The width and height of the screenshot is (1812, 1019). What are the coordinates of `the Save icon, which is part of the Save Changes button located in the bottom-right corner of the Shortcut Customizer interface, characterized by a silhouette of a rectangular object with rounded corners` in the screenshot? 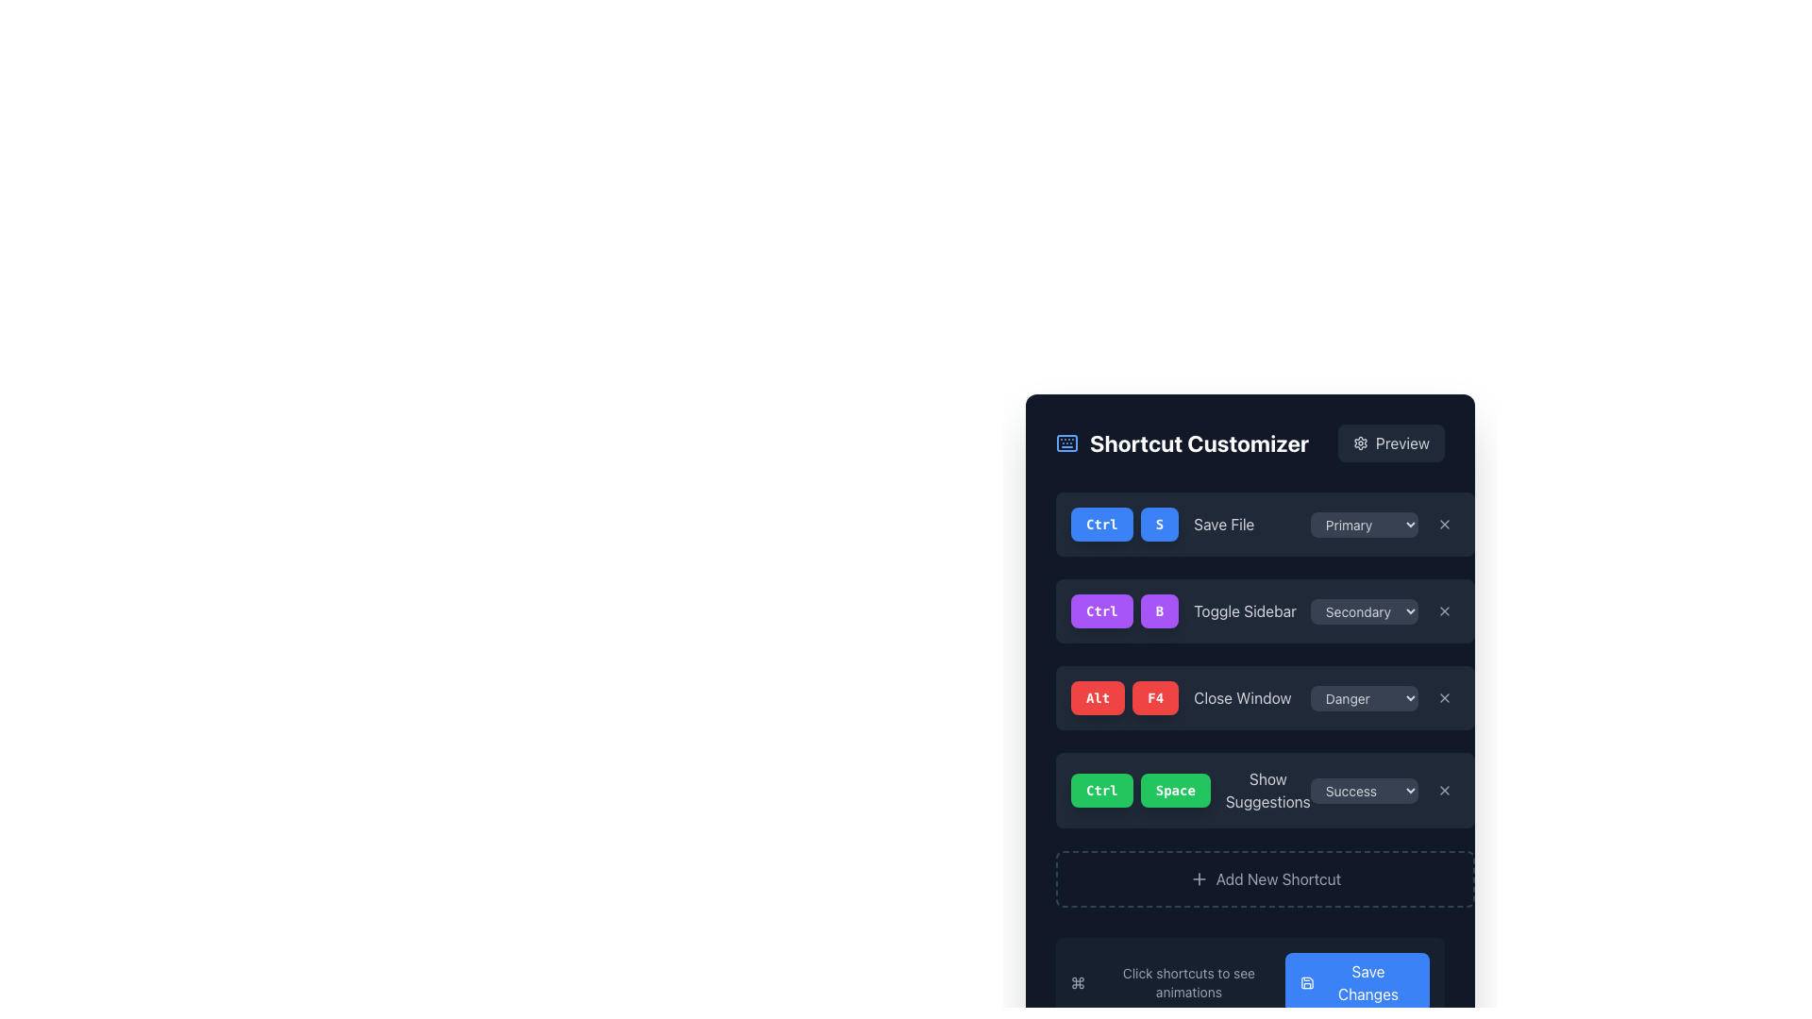 It's located at (1306, 981).